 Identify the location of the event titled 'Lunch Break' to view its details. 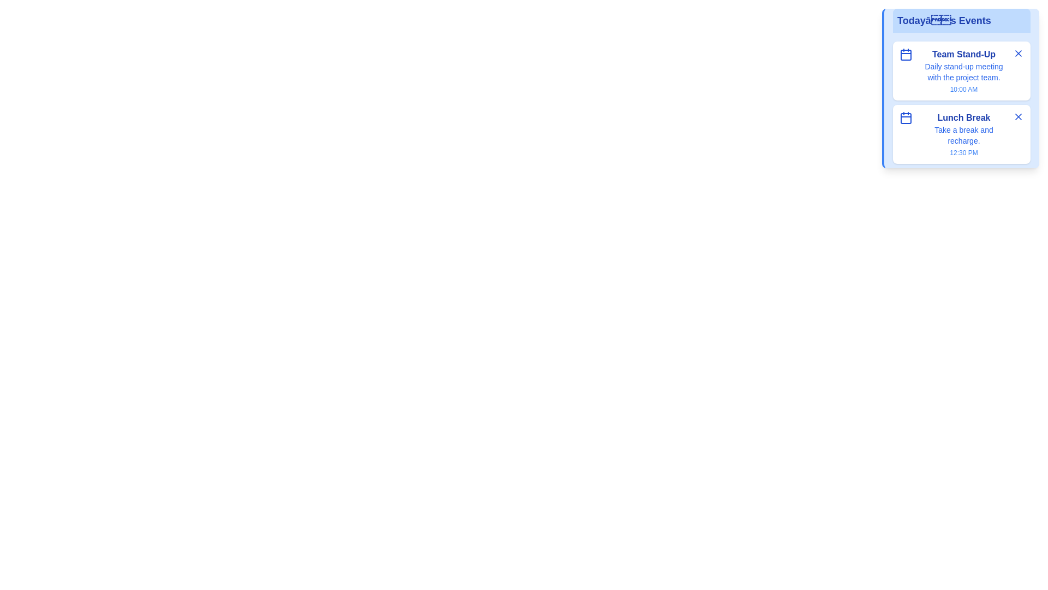
(964, 118).